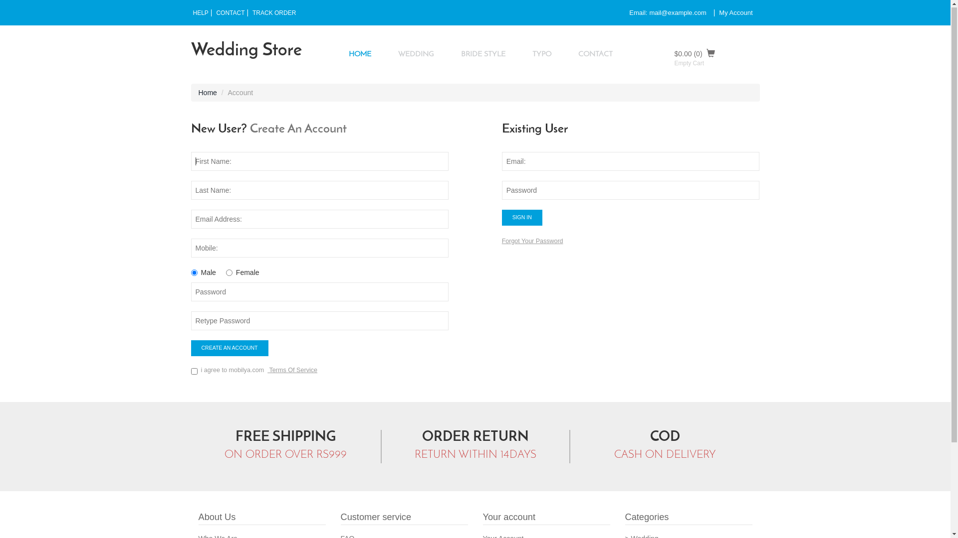  I want to click on 'My Account', so click(735, 13).